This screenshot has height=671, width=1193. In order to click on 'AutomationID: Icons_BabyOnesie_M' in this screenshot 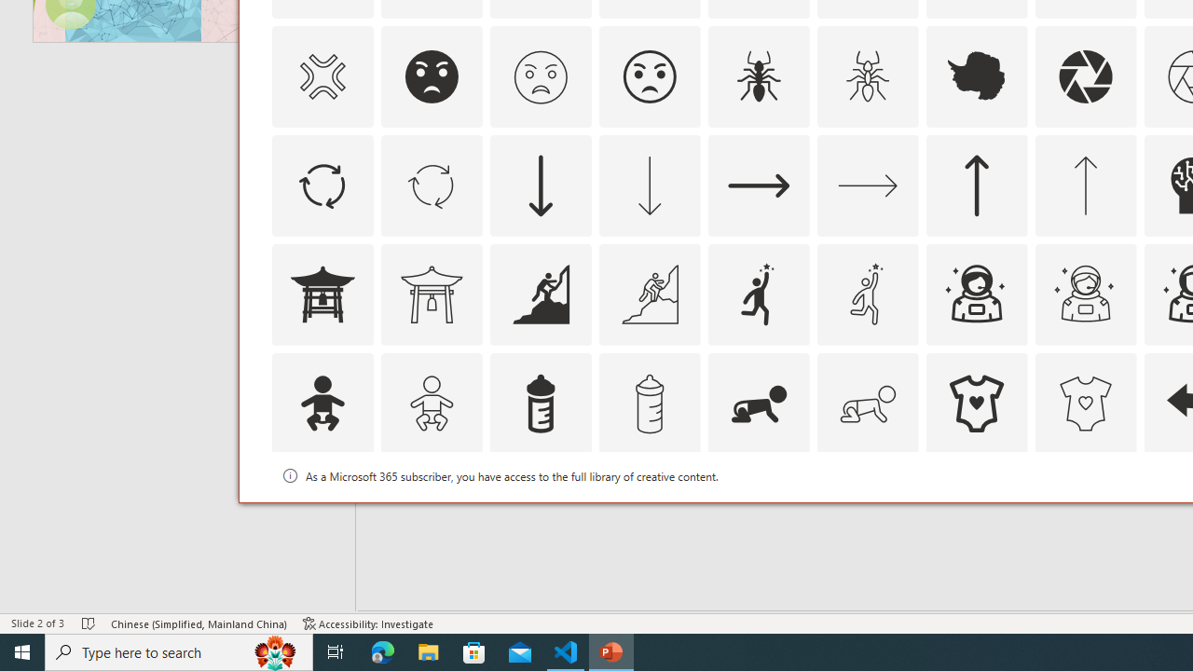, I will do `click(1085, 402)`.